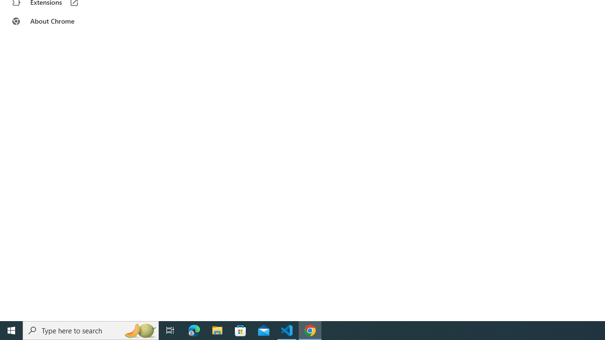 The width and height of the screenshot is (605, 340). What do you see at coordinates (241, 330) in the screenshot?
I see `'Microsoft Store'` at bounding box center [241, 330].